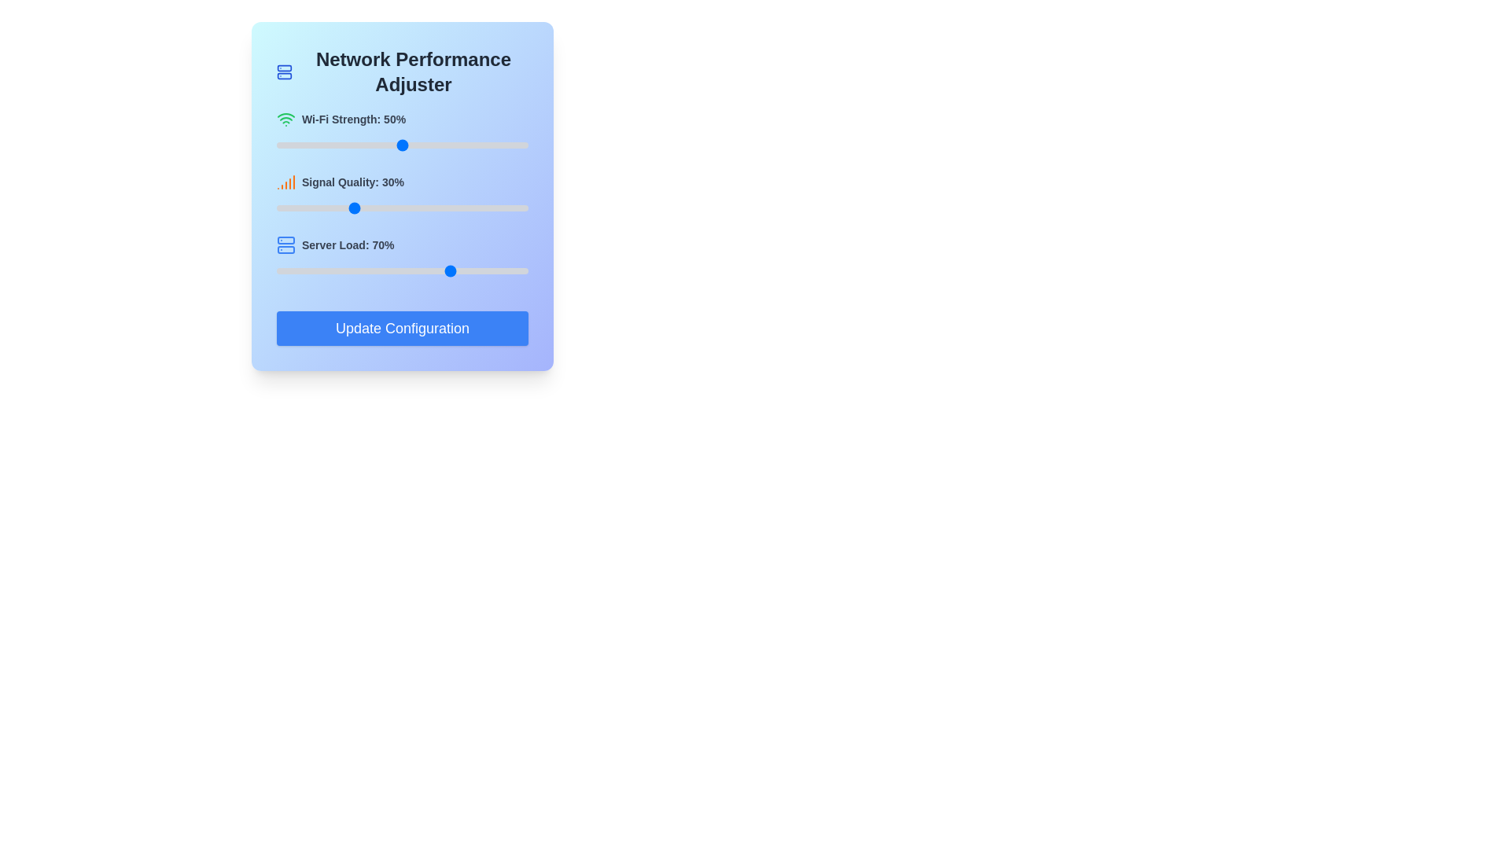 The height and width of the screenshot is (849, 1510). I want to click on Wi-Fi strength, so click(490, 145).